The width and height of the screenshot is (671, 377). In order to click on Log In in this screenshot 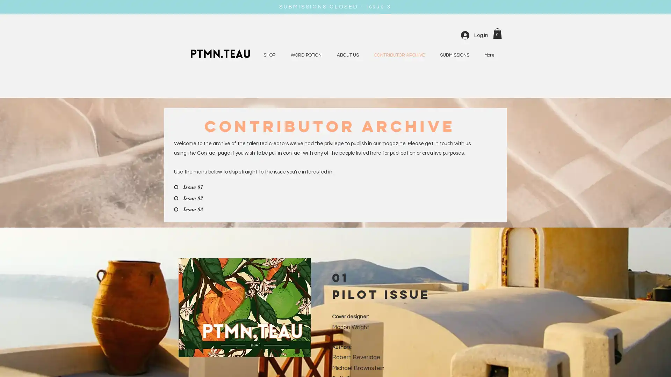, I will do `click(475, 35)`.